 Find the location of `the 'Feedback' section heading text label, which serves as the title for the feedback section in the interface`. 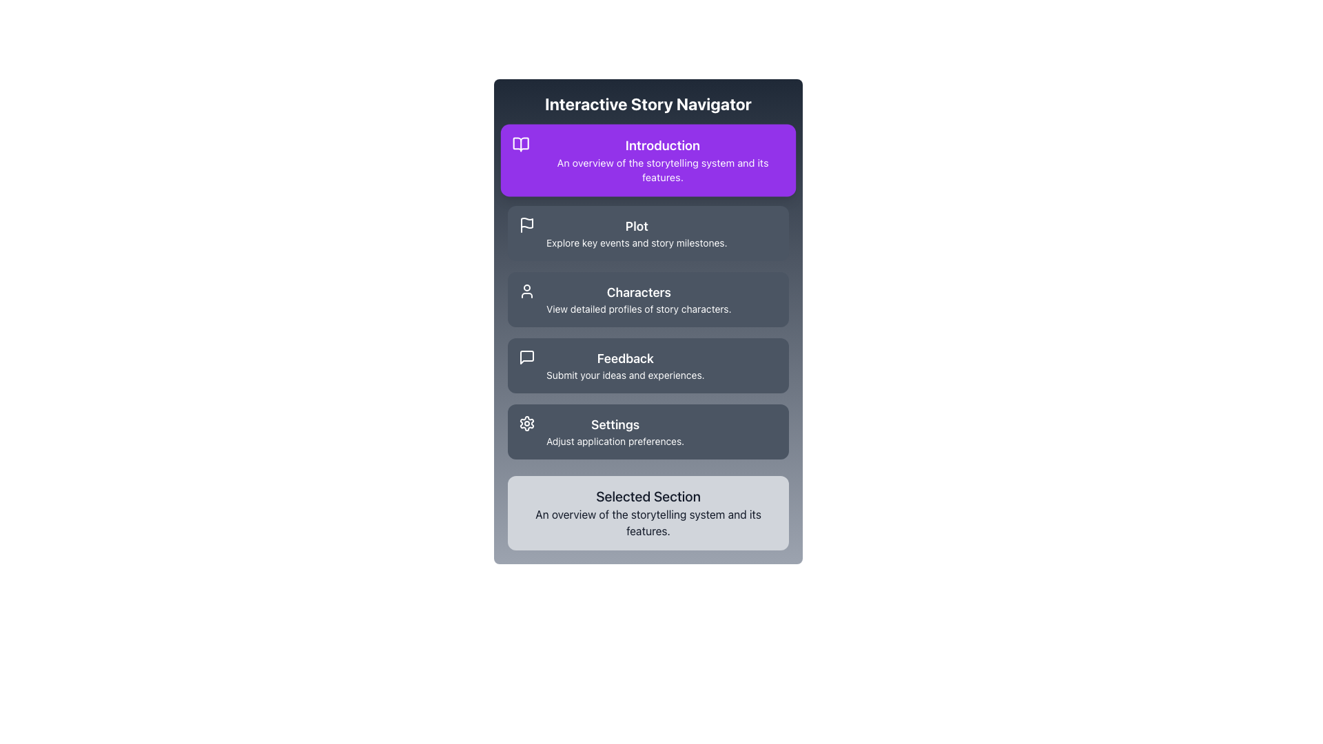

the 'Feedback' section heading text label, which serves as the title for the feedback section in the interface is located at coordinates (624, 358).